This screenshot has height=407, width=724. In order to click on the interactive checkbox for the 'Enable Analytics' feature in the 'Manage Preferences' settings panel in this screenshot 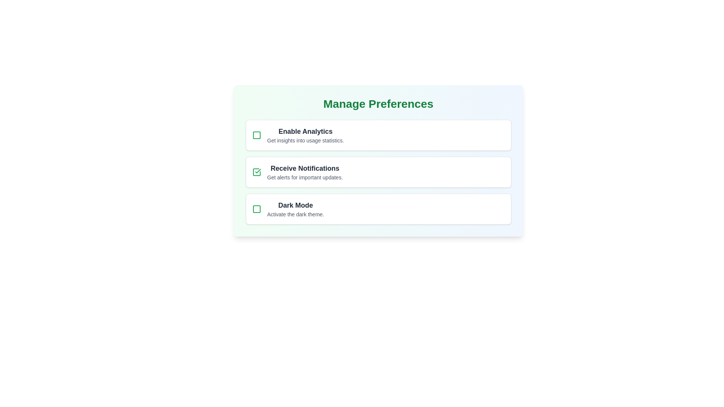, I will do `click(256, 135)`.